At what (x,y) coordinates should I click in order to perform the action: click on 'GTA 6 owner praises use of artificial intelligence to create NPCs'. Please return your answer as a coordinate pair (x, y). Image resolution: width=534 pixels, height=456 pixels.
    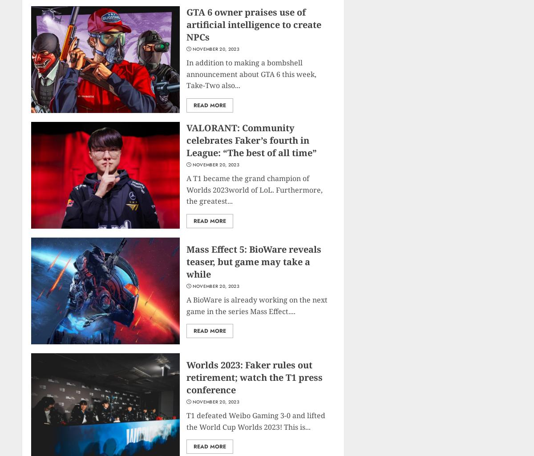
    Looking at the image, I should click on (253, 24).